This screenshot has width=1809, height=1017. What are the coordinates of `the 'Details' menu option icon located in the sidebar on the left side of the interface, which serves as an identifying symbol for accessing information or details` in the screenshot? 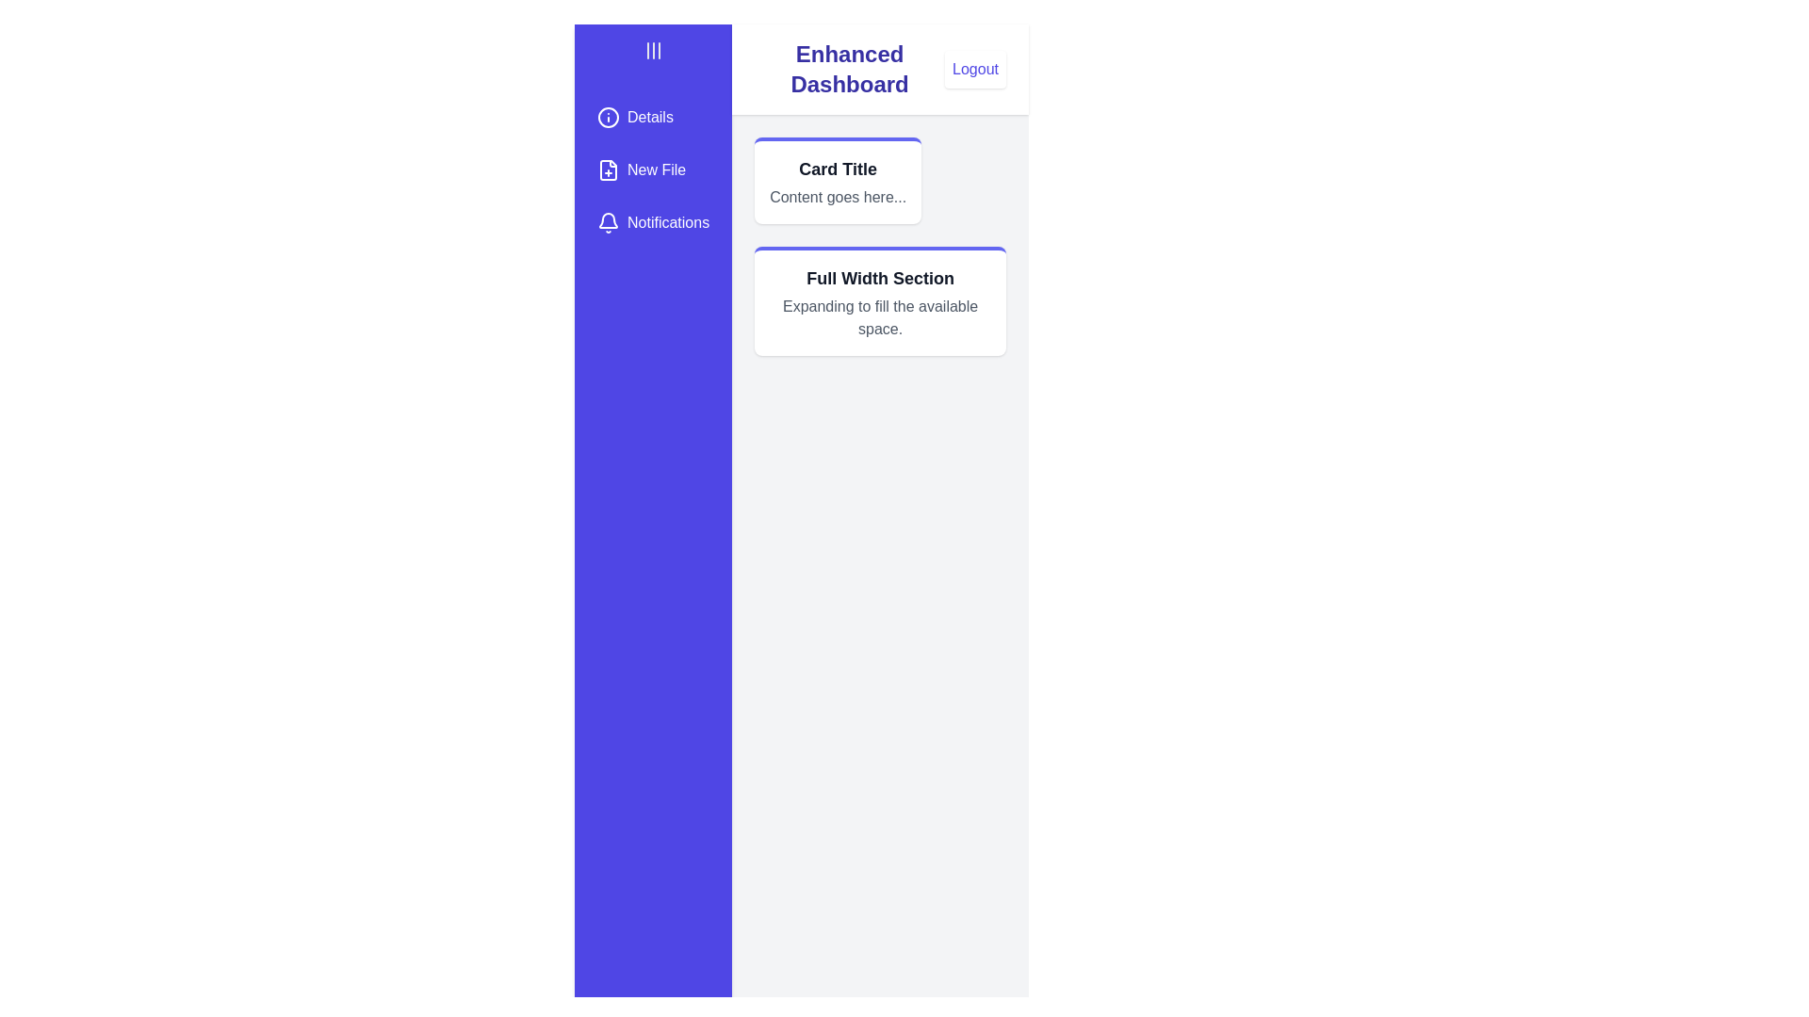 It's located at (609, 117).